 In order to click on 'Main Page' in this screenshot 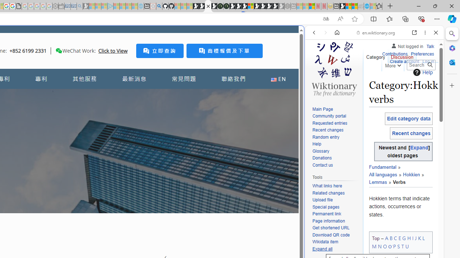, I will do `click(336, 109)`.